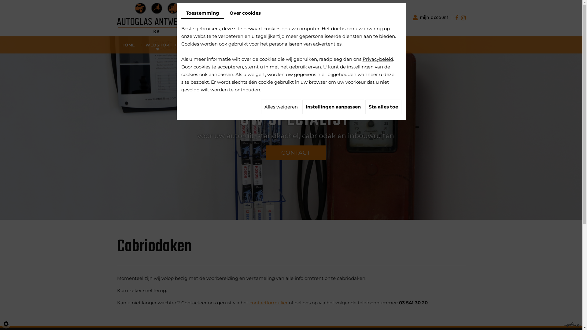 The image size is (587, 330). I want to click on 'Privacybeleid', so click(378, 59).